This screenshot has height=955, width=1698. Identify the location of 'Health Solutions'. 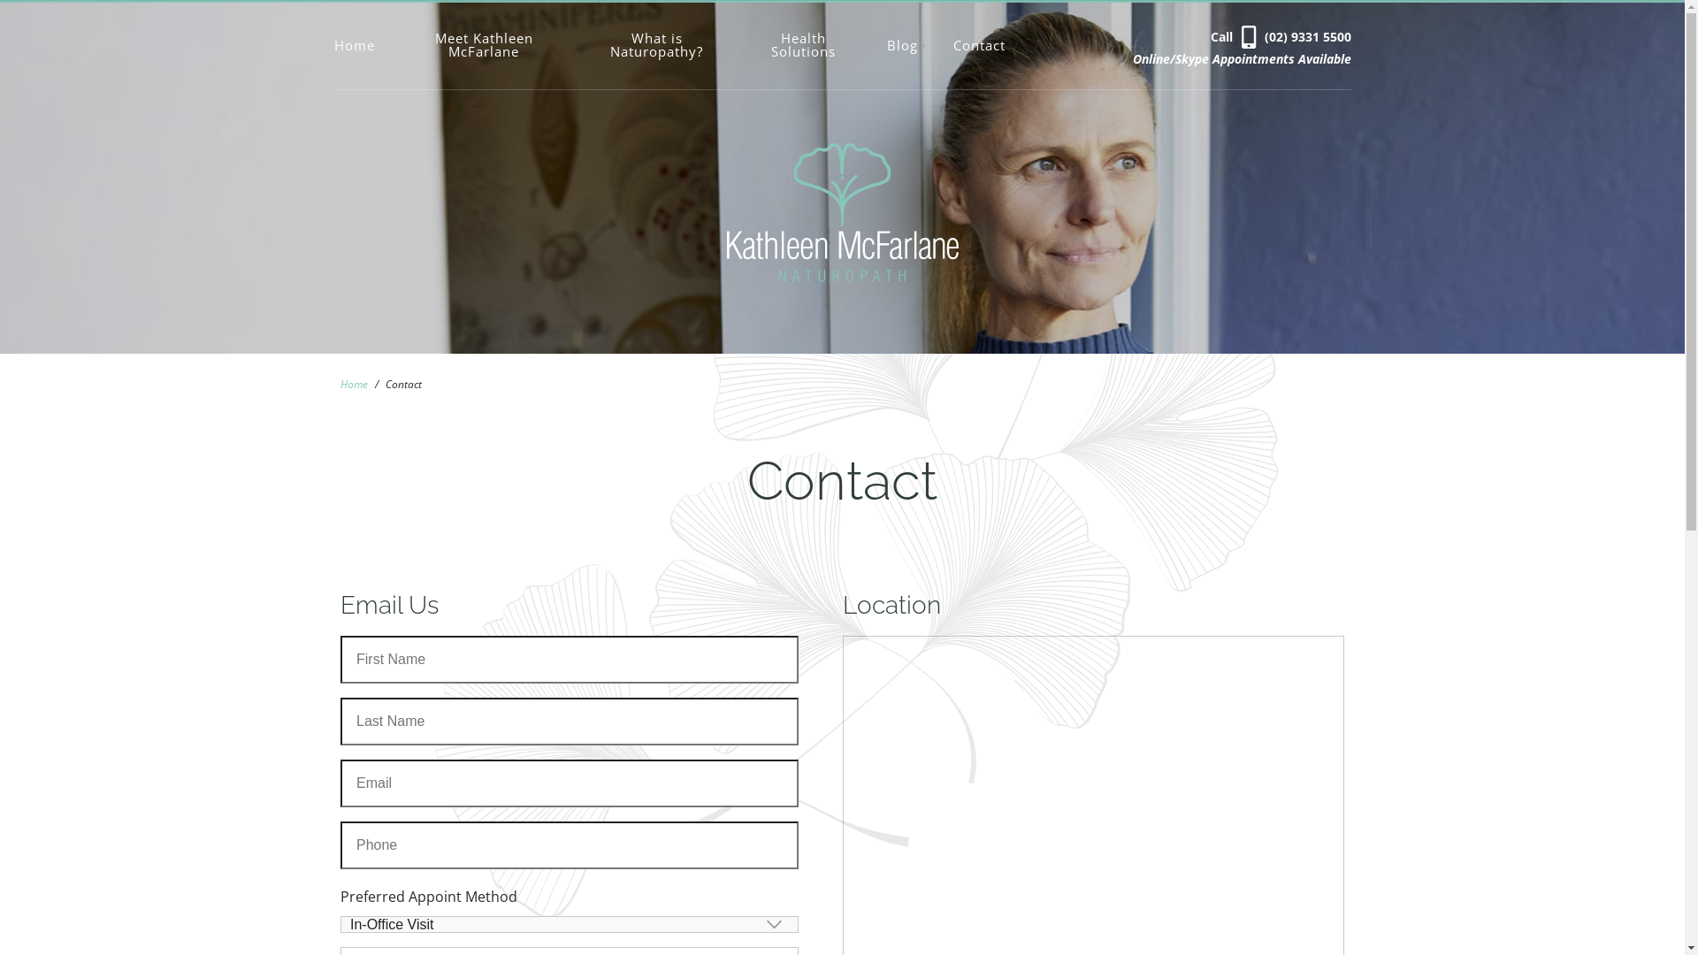
(802, 43).